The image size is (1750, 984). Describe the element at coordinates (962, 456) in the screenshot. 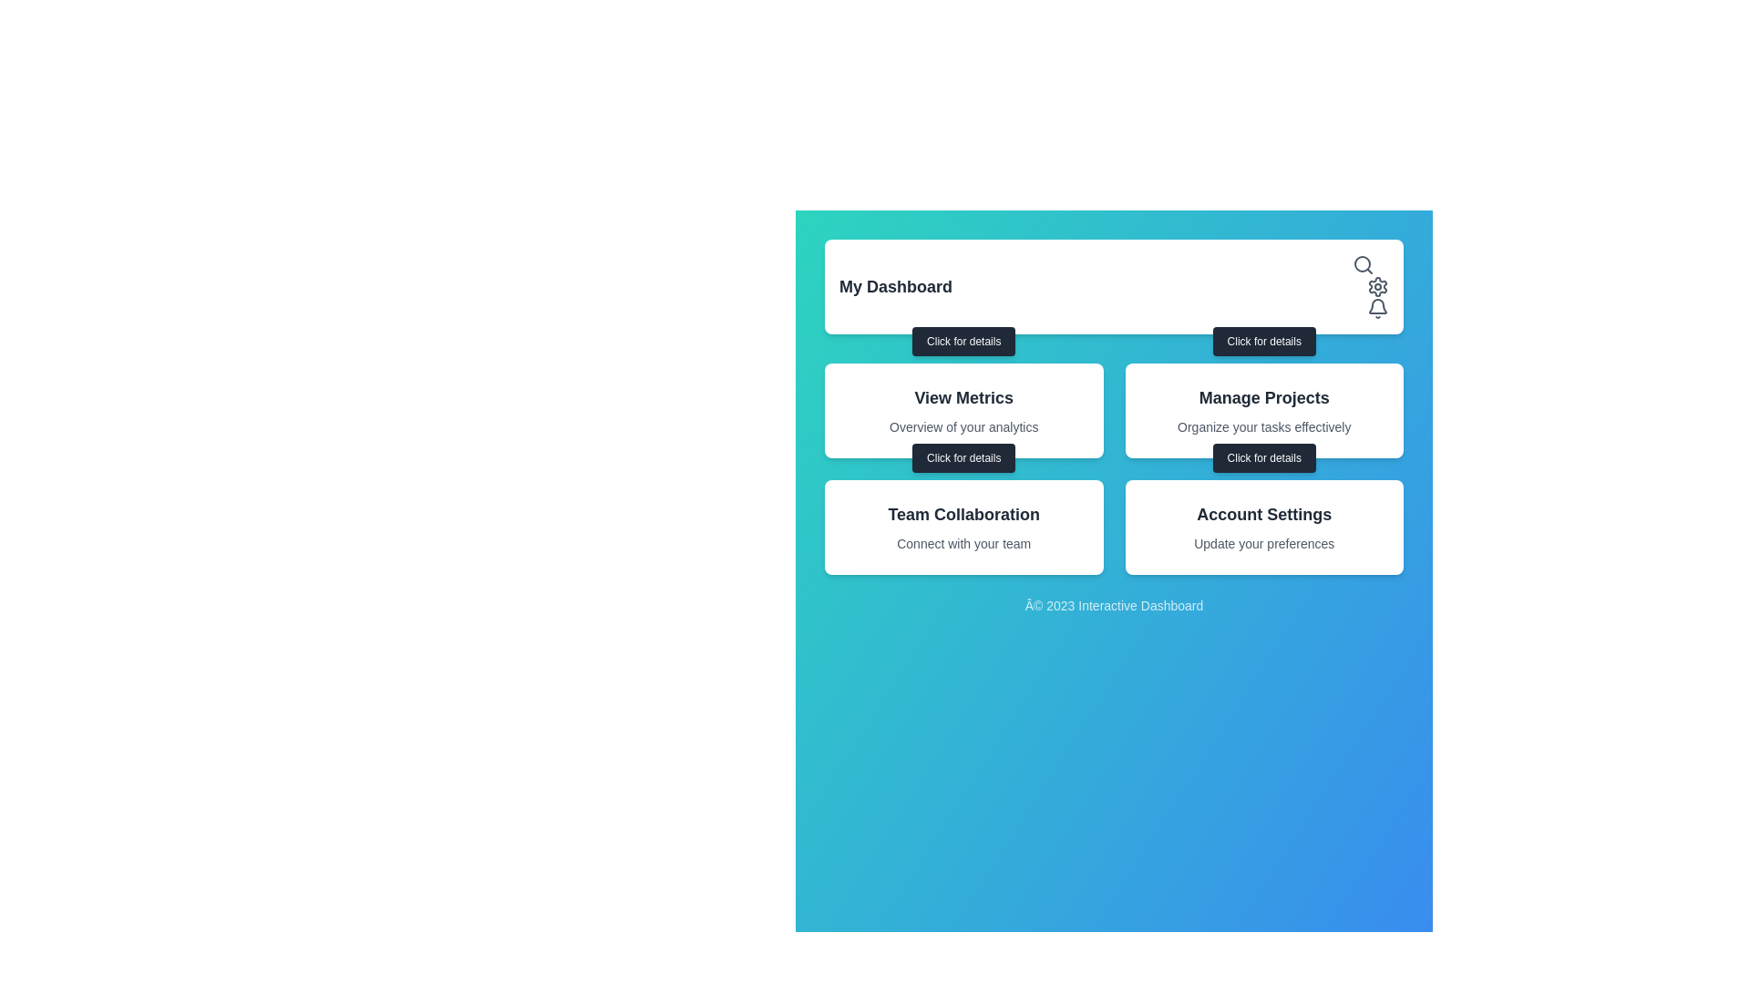

I see `tooltip containing the text 'Click for details' which is a small dark gray rectangular element with rounded corners, positioned above the 'Team Collaboration' section` at that location.